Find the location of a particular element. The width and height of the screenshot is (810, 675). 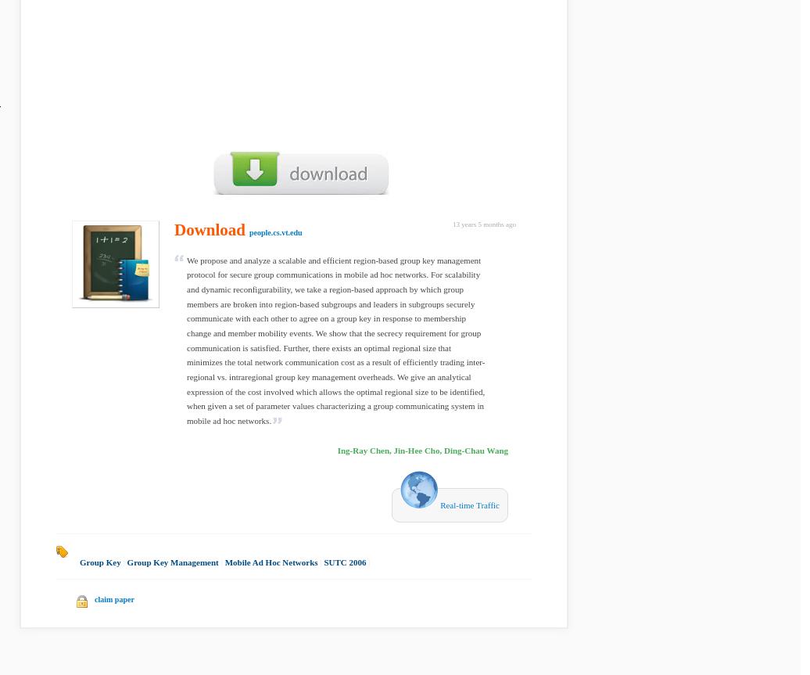

'Mobile Ad Hoc Networks' is located at coordinates (271, 562).